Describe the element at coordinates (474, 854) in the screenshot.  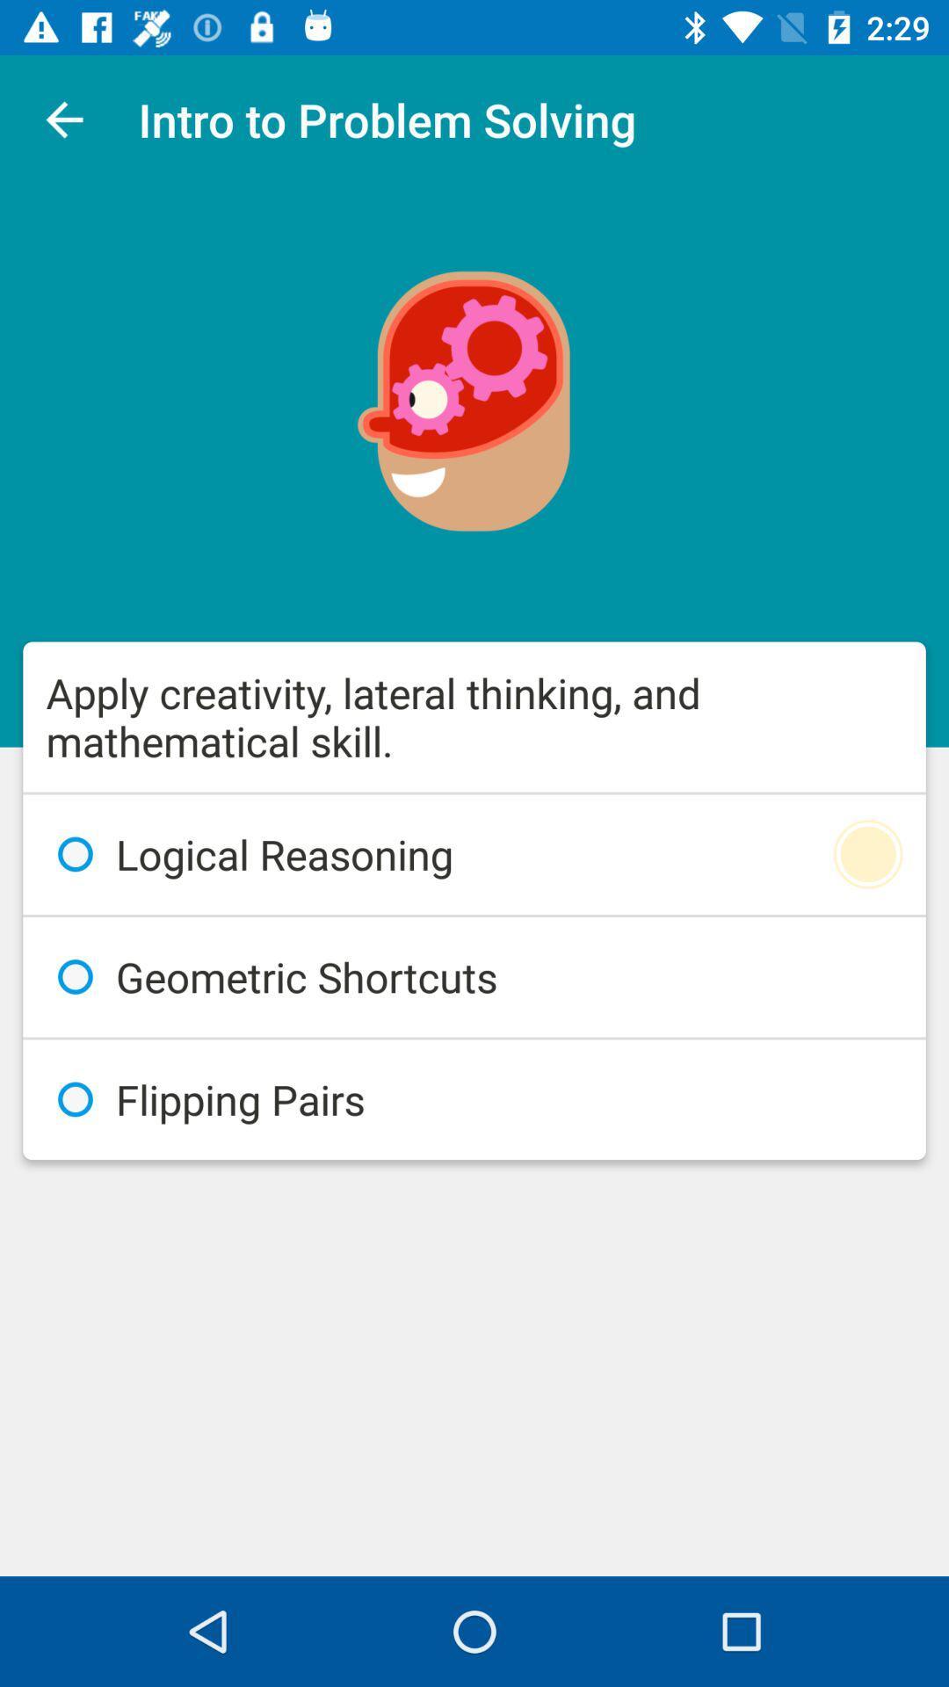
I see `logical reasoning icon` at that location.